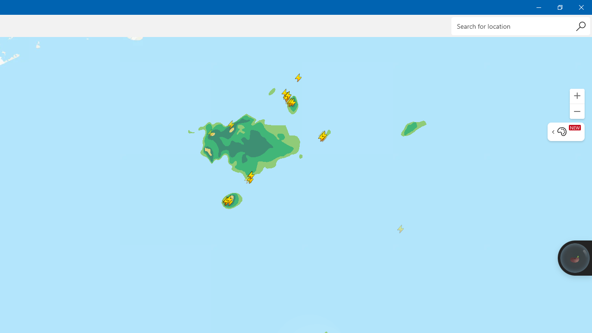 Image resolution: width=592 pixels, height=333 pixels. I want to click on 'Search', so click(580, 25).